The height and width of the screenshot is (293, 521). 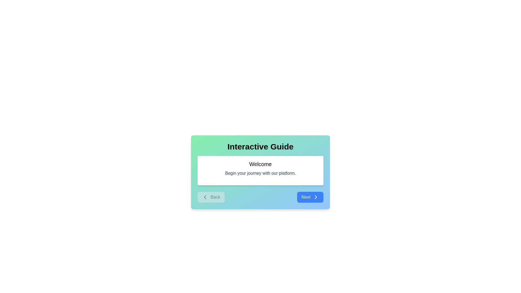 I want to click on the 'Next' button, which is a rectangular button with white text on a blue background and a right-pointing chevron icon, located at the bottom right corner of the layout, so click(x=310, y=197).